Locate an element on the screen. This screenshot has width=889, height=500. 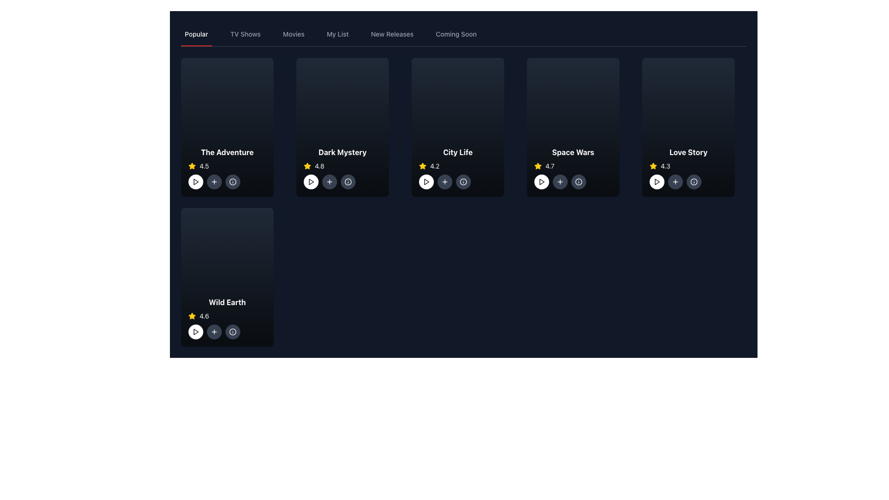
the first button in the horizontal row beneath the 'Dark Mystery' card, which initiates playback of the associated media item is located at coordinates (311, 182).